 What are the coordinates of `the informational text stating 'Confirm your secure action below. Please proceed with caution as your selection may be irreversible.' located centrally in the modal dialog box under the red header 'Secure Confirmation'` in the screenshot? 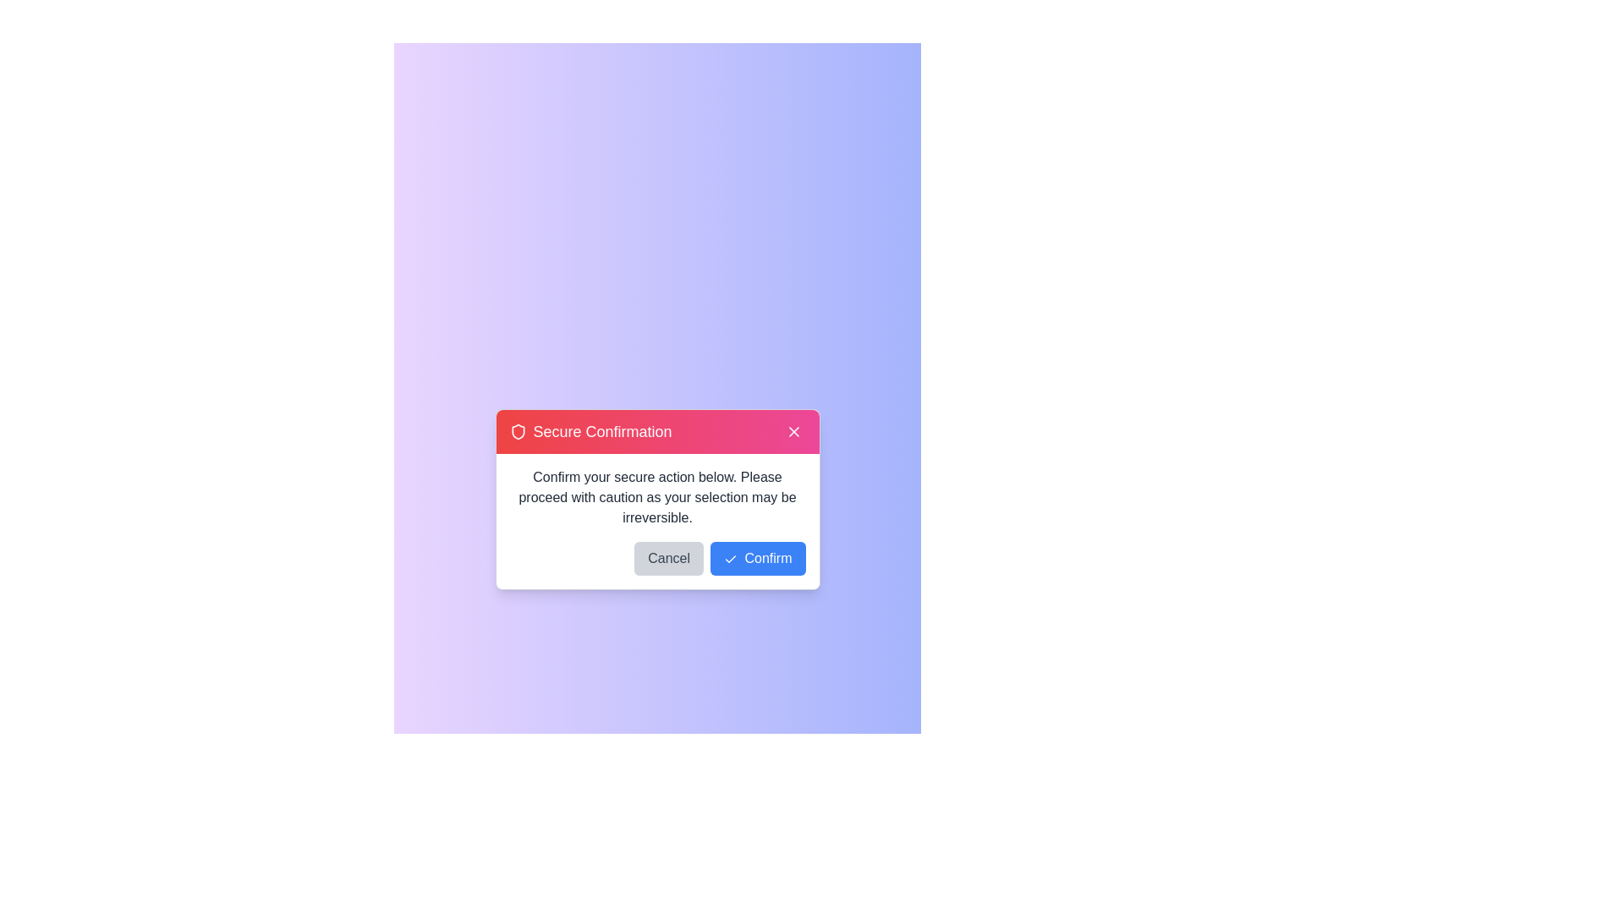 It's located at (656, 497).